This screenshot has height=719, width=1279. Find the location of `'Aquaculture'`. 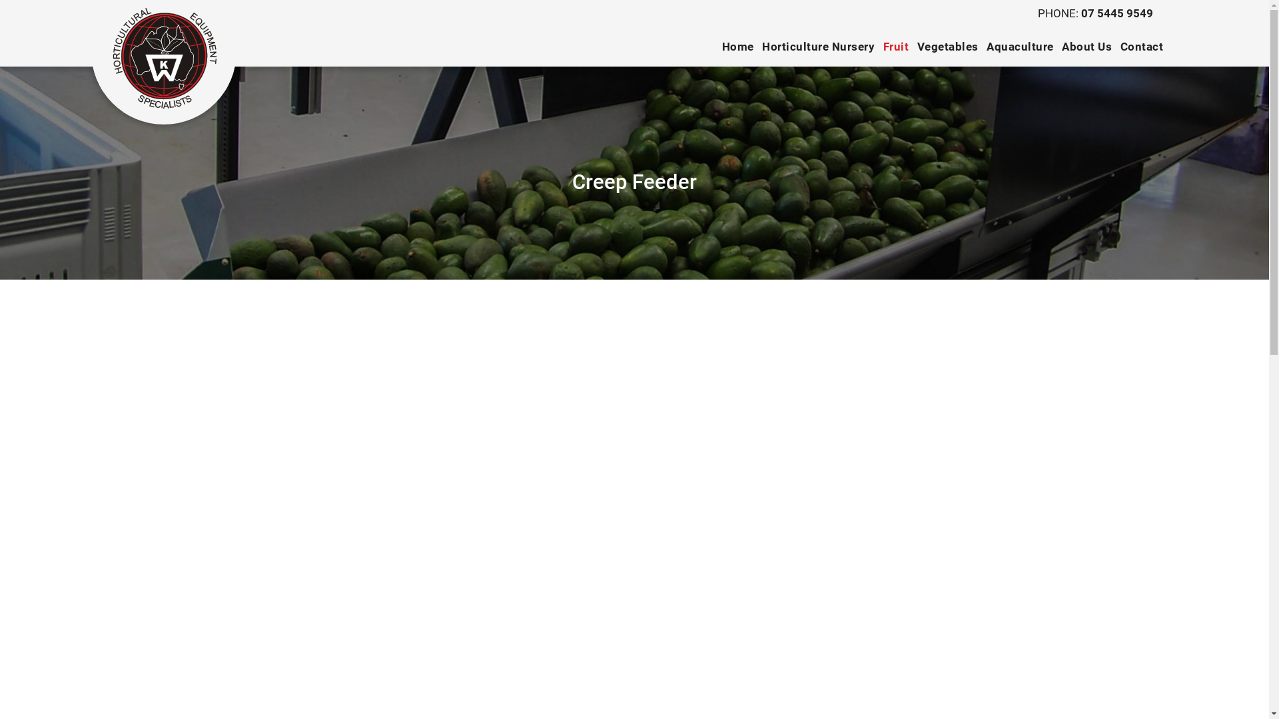

'Aquaculture' is located at coordinates (1019, 46).